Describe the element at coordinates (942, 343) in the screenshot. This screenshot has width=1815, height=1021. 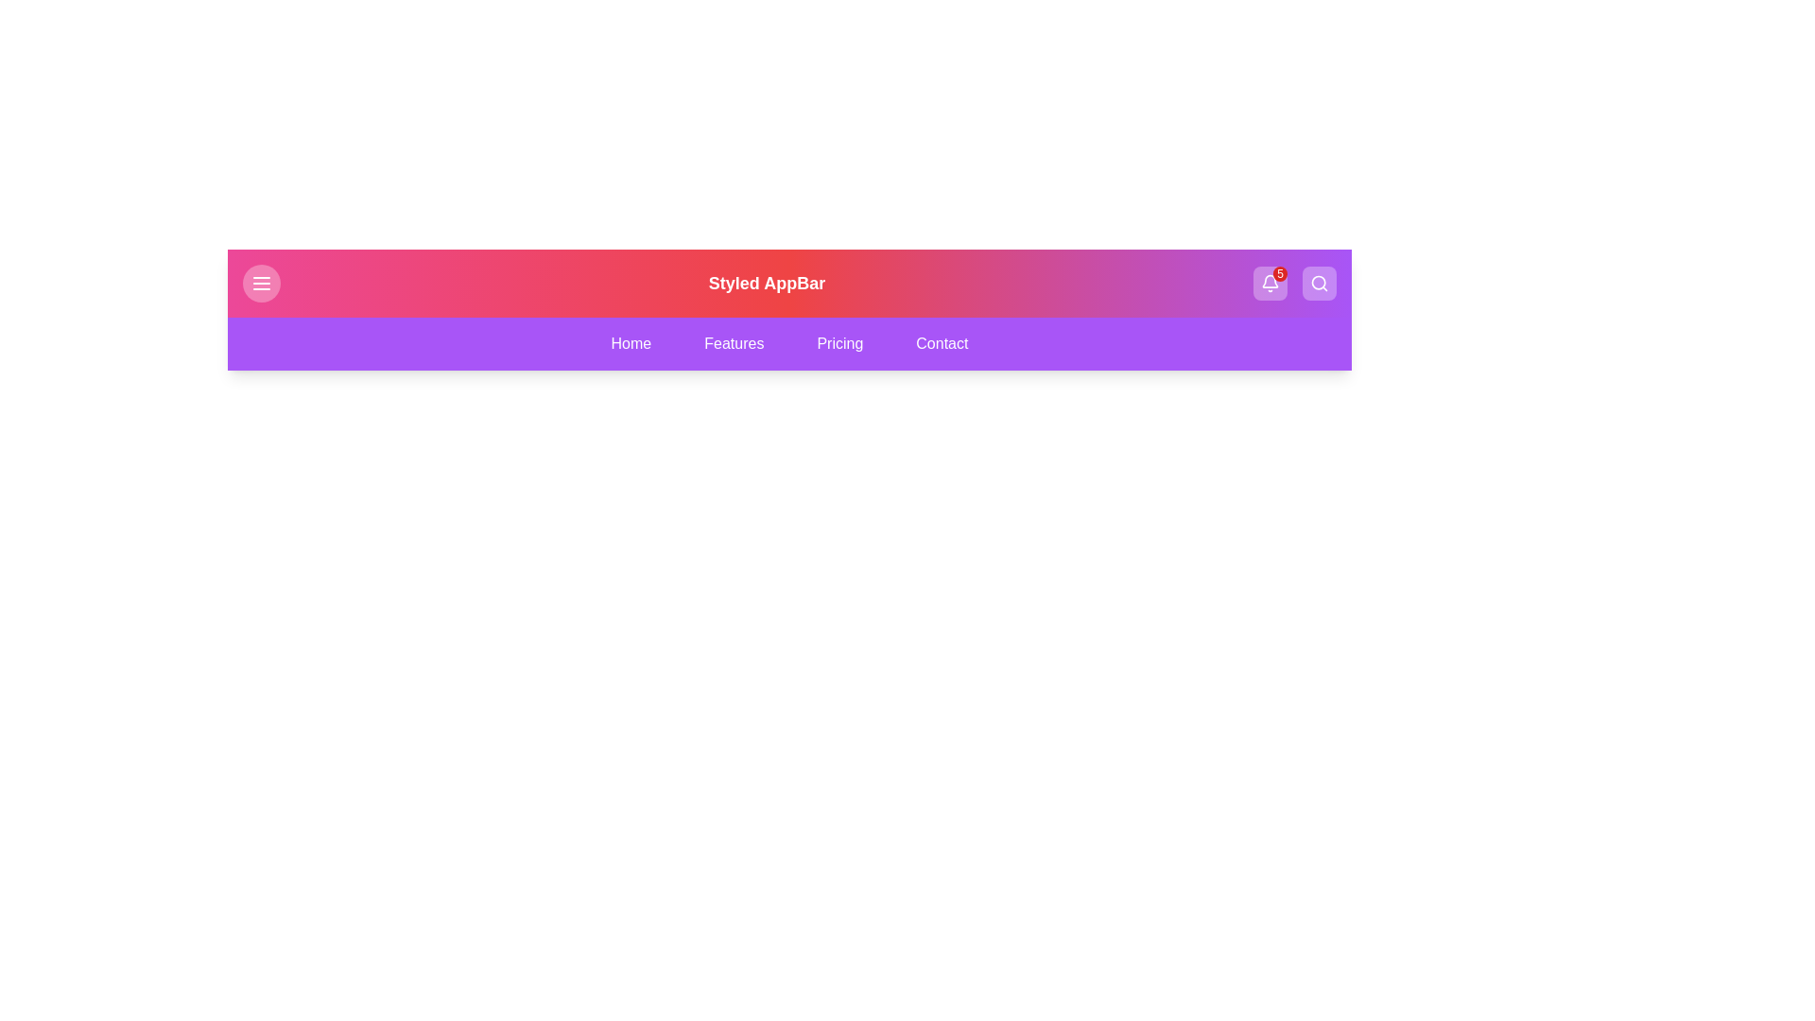
I see `the navigation tab labeled Contact` at that location.